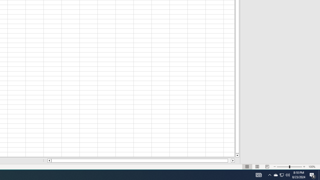 The height and width of the screenshot is (180, 320). I want to click on 'Action Center, 4 new notifications', so click(312, 174).